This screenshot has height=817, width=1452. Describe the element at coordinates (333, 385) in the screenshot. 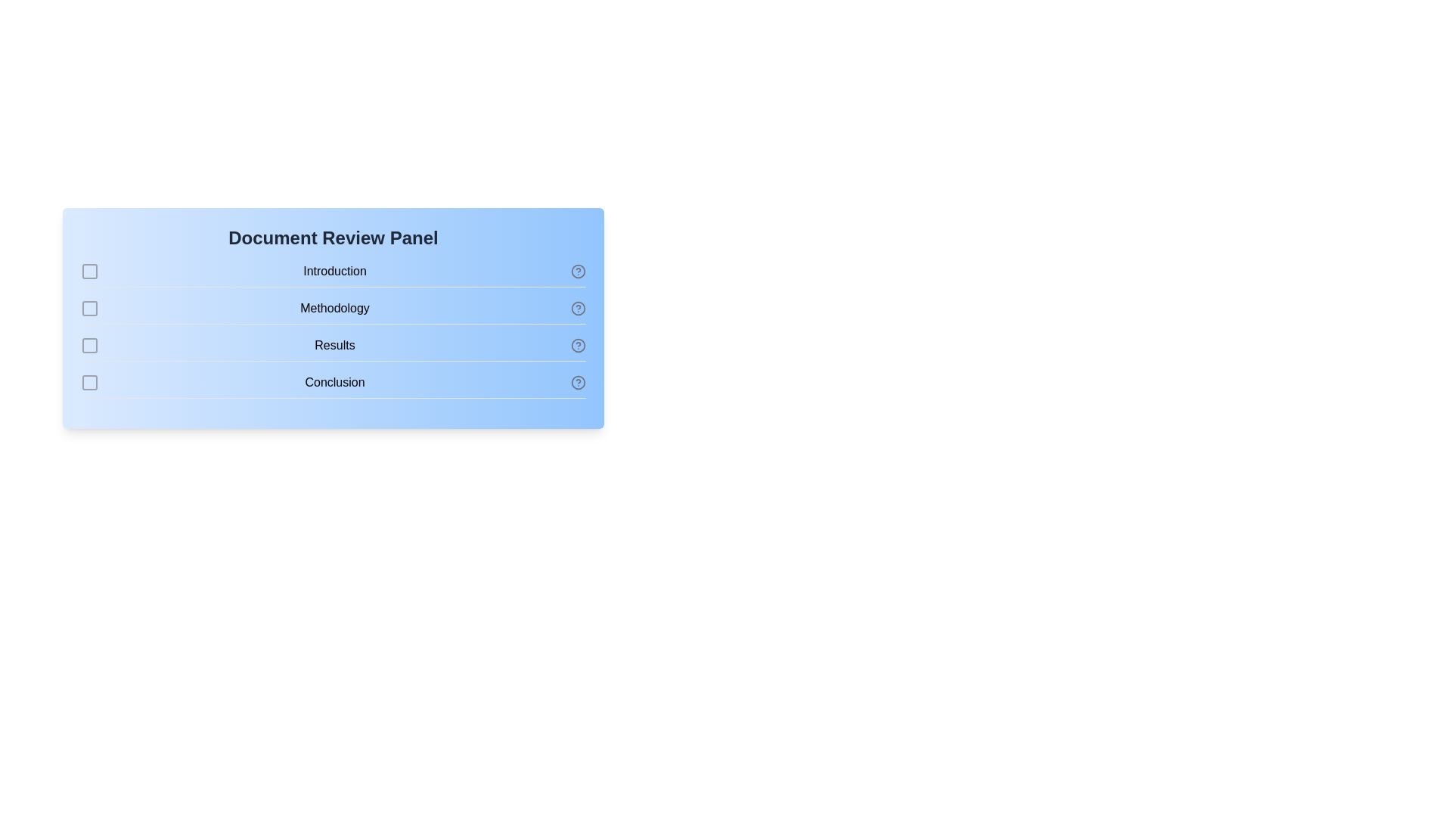

I see `the section name Conclusion to toggle its selection state` at that location.